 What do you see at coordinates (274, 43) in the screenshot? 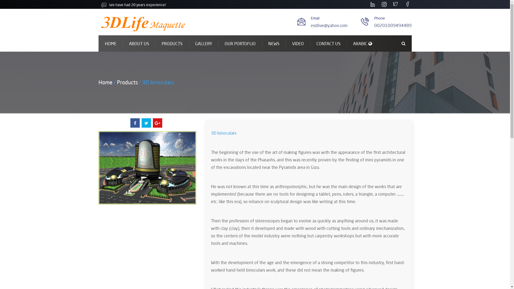
I see `'NEWS'` at bounding box center [274, 43].